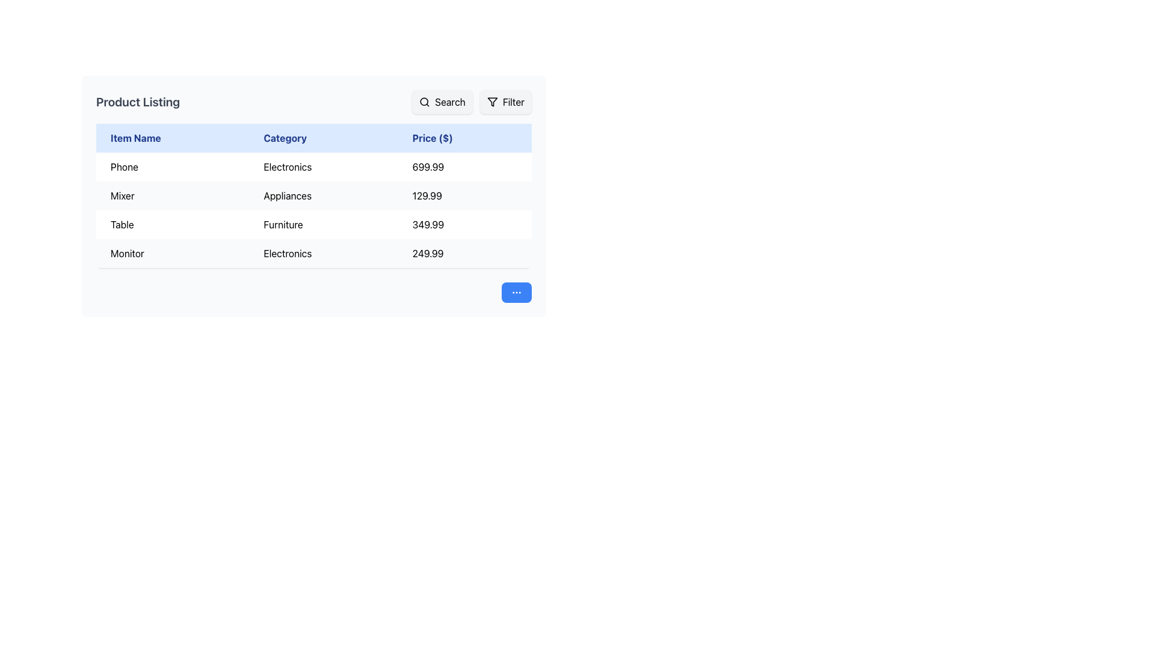  Describe the element at coordinates (492, 101) in the screenshot. I see `the funnel icon inside the 'Filter' button located at the top-right corner of the interface` at that location.